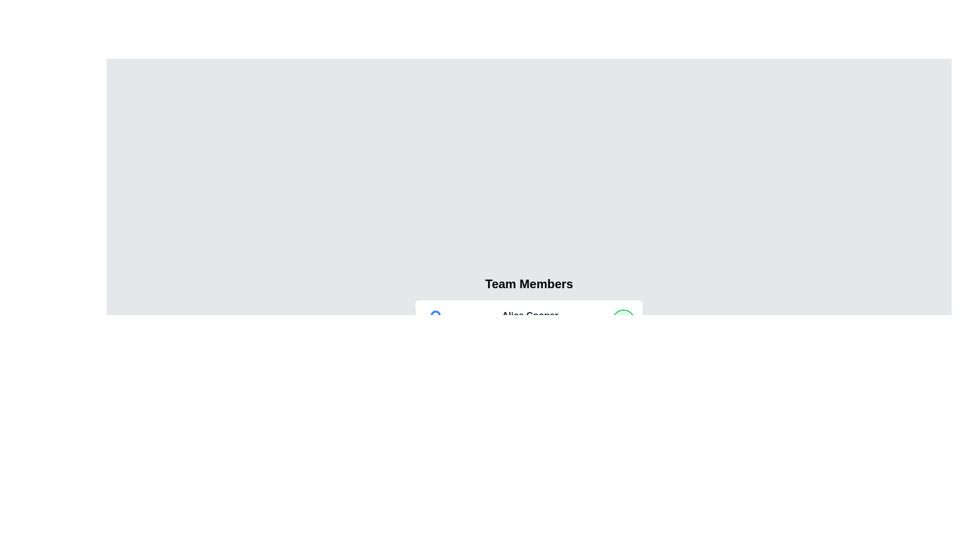  What do you see at coordinates (528, 321) in the screenshot?
I see `the User profile card for 'Alice Cooper', which is visually characterized by a blue profile icon, bold text with the name 'Alice Cooper' and title 'Leader', and a green status indicator` at bounding box center [528, 321].